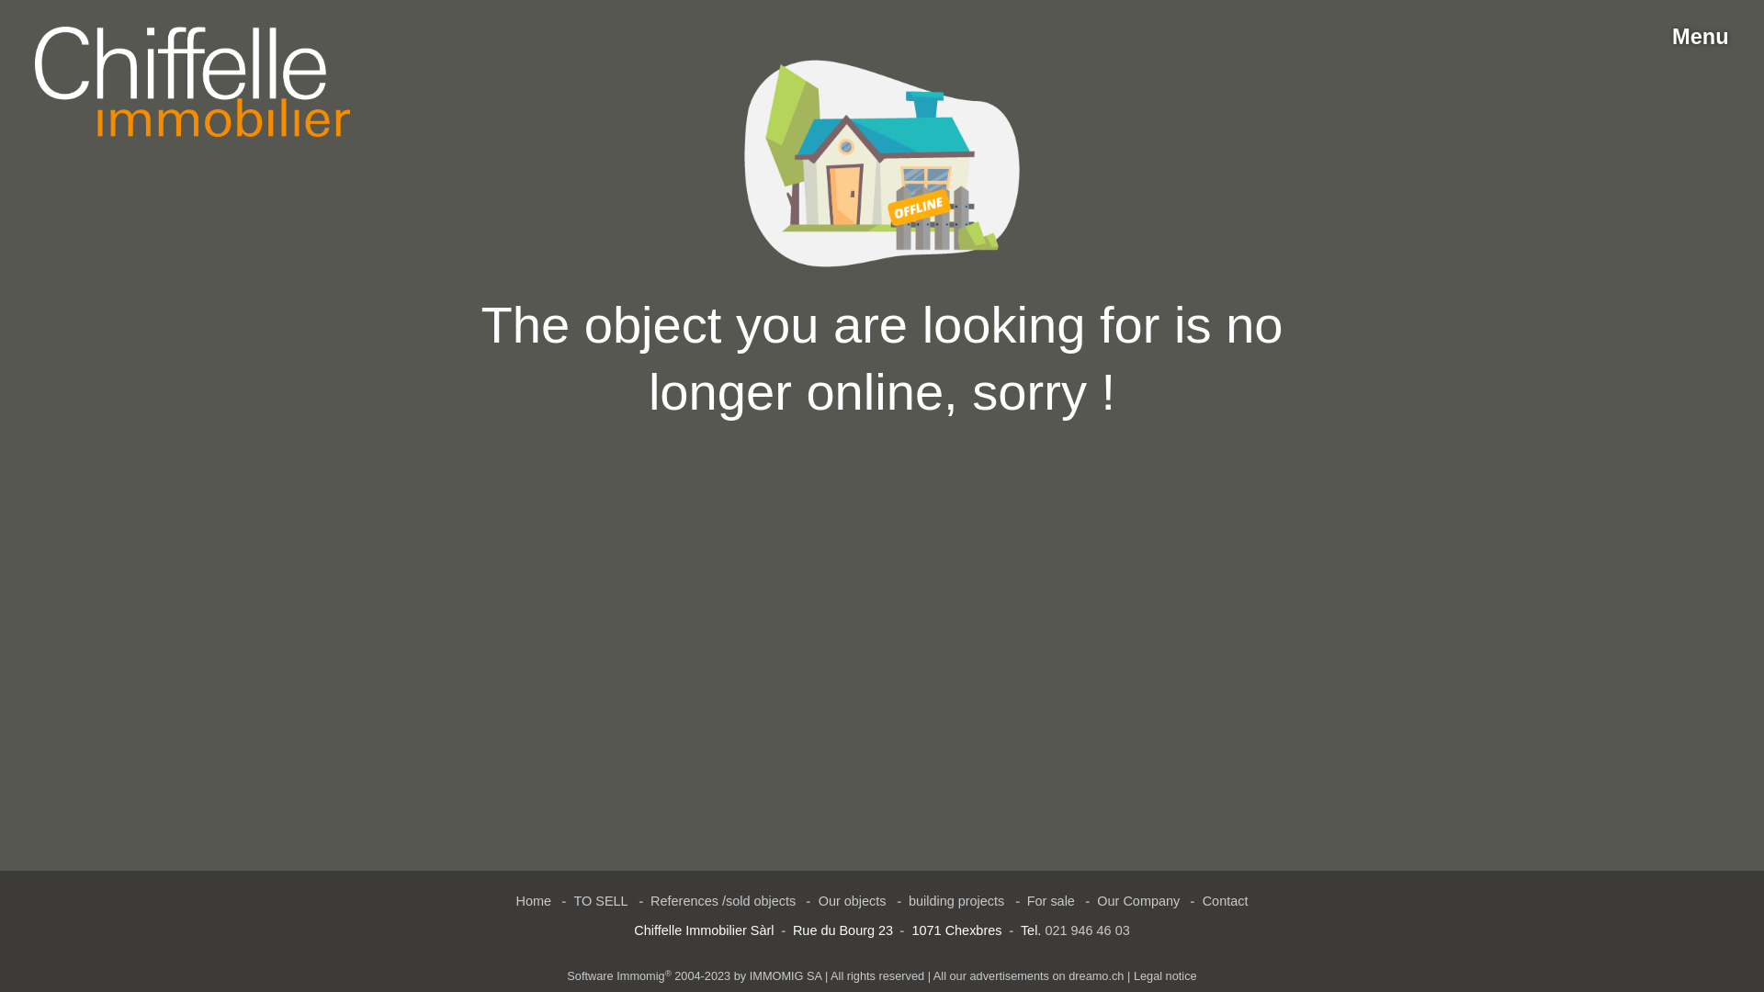 The width and height of the screenshot is (1764, 992). What do you see at coordinates (955, 900) in the screenshot?
I see `'building projects'` at bounding box center [955, 900].